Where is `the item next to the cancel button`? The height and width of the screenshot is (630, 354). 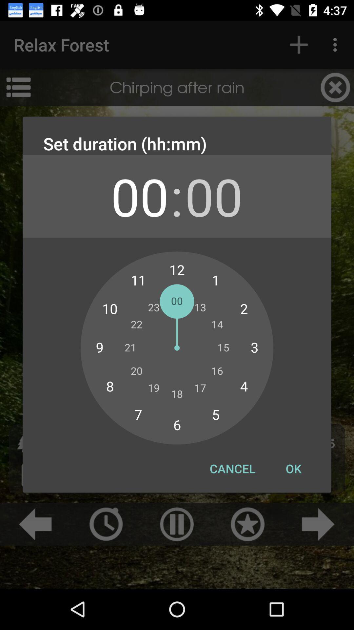 the item next to the cancel button is located at coordinates (293, 468).